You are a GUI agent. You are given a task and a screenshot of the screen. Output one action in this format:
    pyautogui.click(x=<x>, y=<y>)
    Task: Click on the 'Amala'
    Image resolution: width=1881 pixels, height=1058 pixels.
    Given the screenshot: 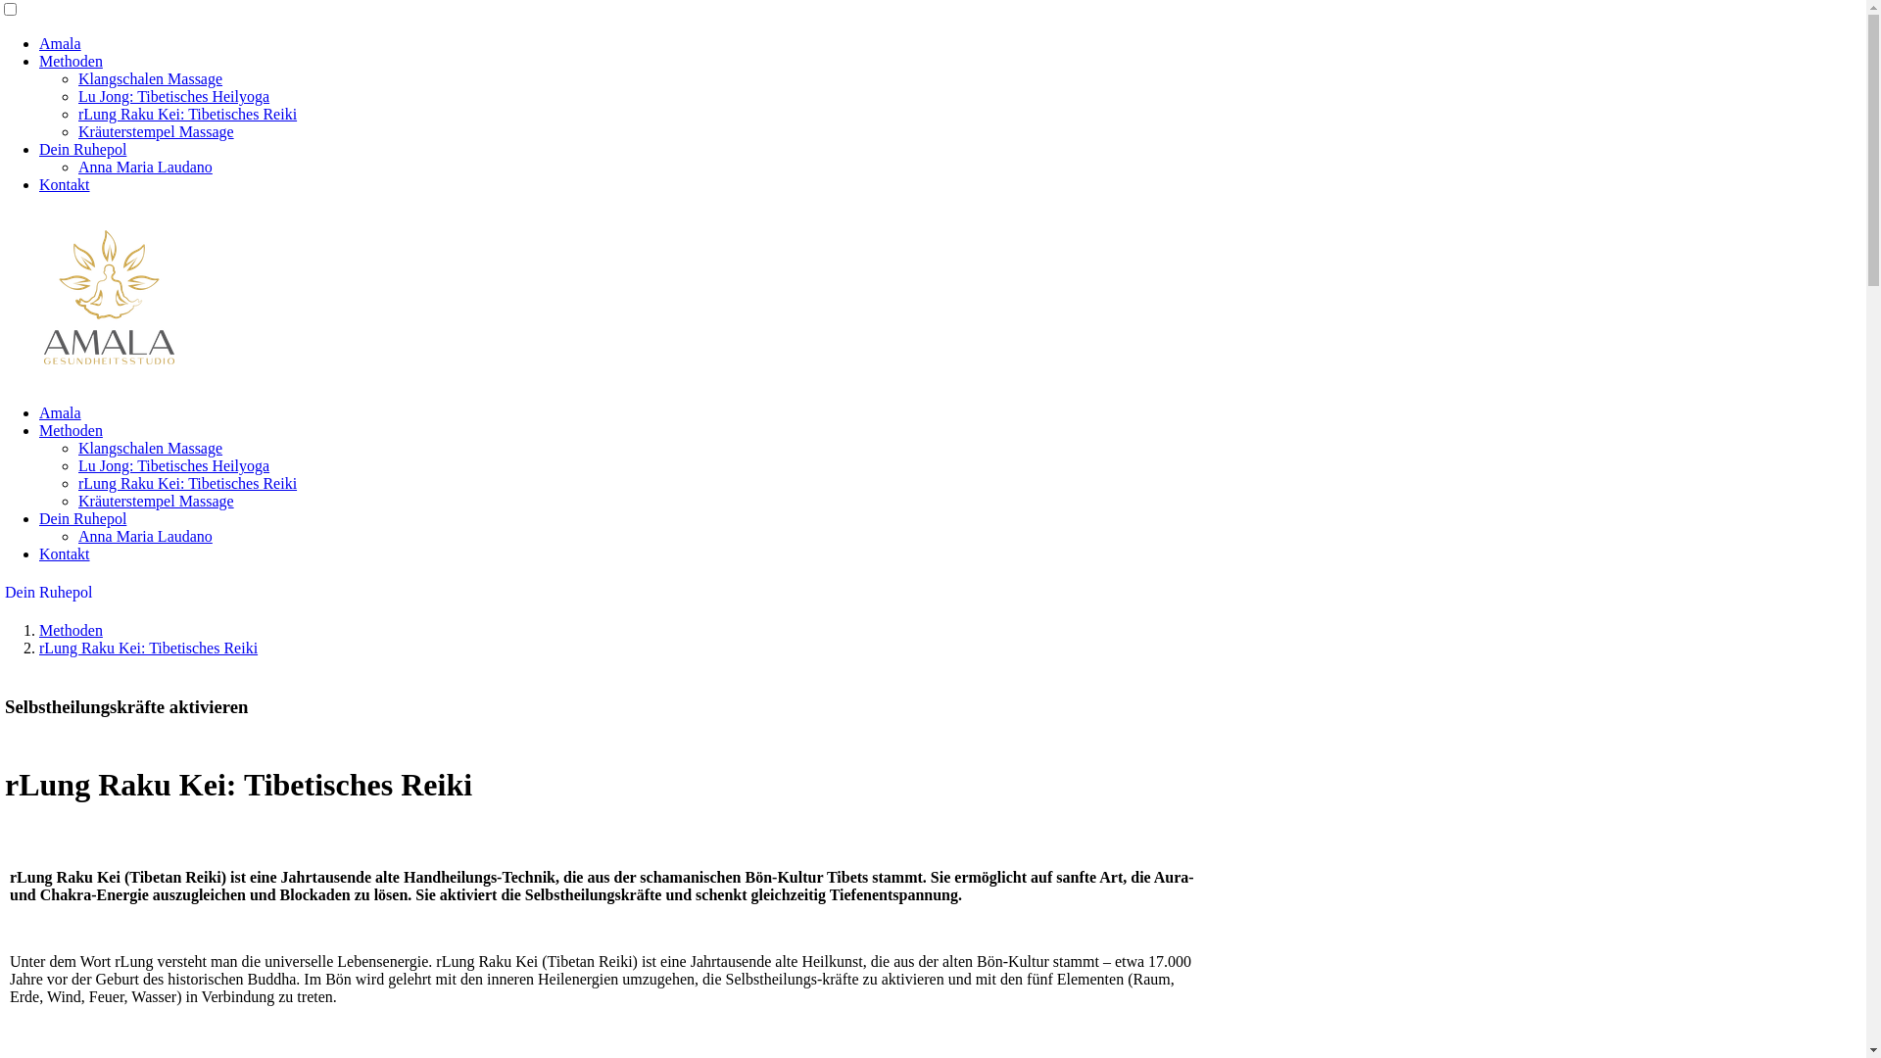 What is the action you would take?
    pyautogui.click(x=60, y=43)
    